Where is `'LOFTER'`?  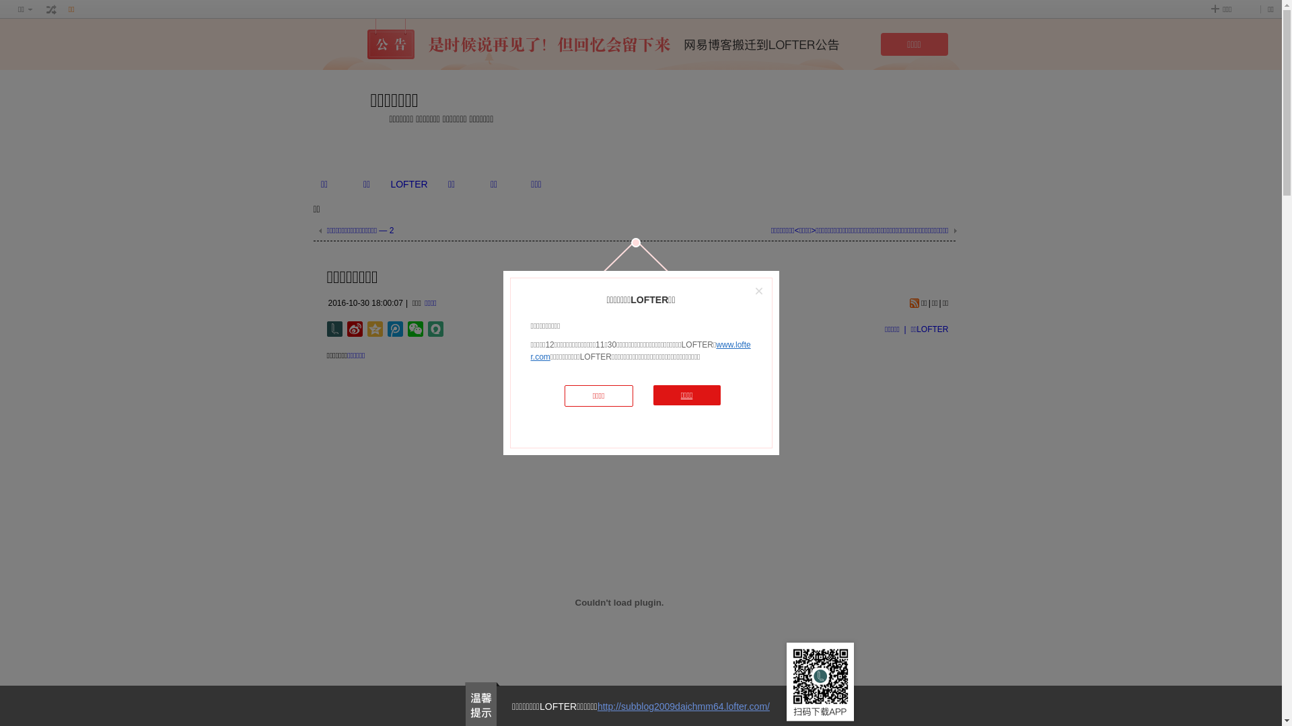 'LOFTER' is located at coordinates (408, 184).